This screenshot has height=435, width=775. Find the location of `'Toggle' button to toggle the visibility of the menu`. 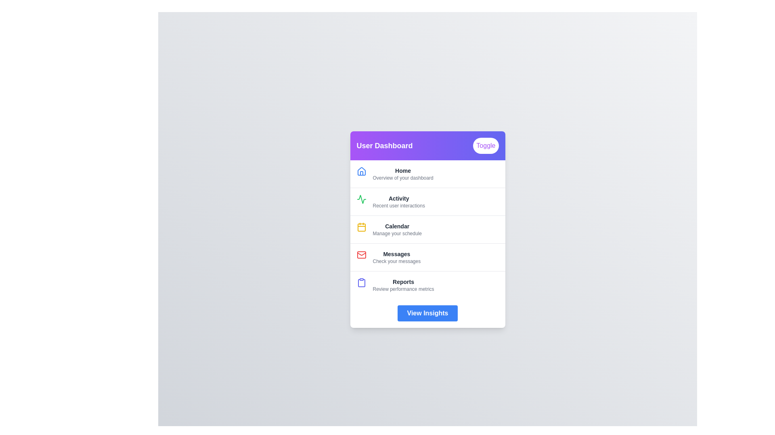

'Toggle' button to toggle the visibility of the menu is located at coordinates (485, 146).